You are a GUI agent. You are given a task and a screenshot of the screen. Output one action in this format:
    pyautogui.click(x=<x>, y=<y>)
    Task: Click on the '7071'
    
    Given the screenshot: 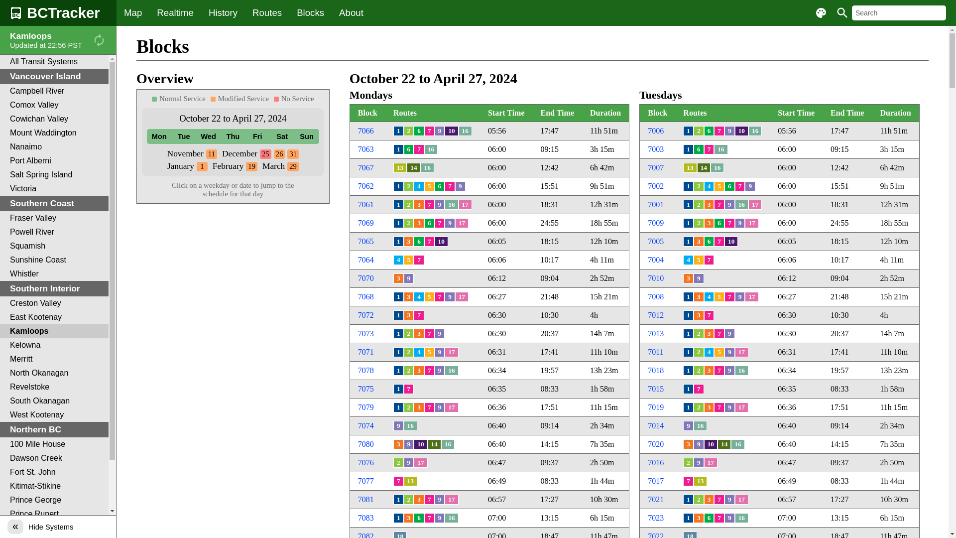 What is the action you would take?
    pyautogui.click(x=365, y=351)
    